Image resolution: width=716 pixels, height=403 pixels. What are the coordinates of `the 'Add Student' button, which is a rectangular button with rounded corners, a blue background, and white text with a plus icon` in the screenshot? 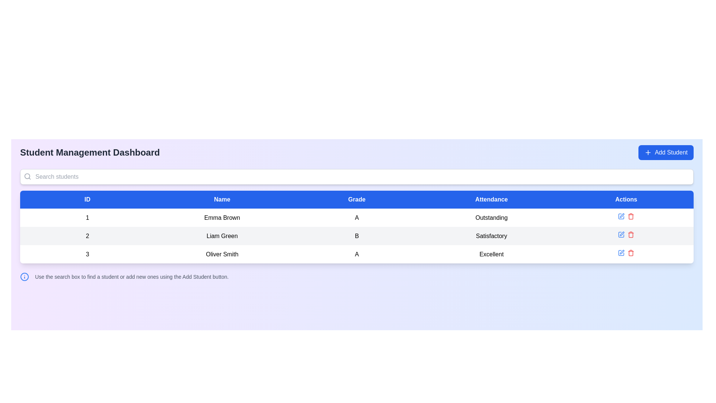 It's located at (666, 152).